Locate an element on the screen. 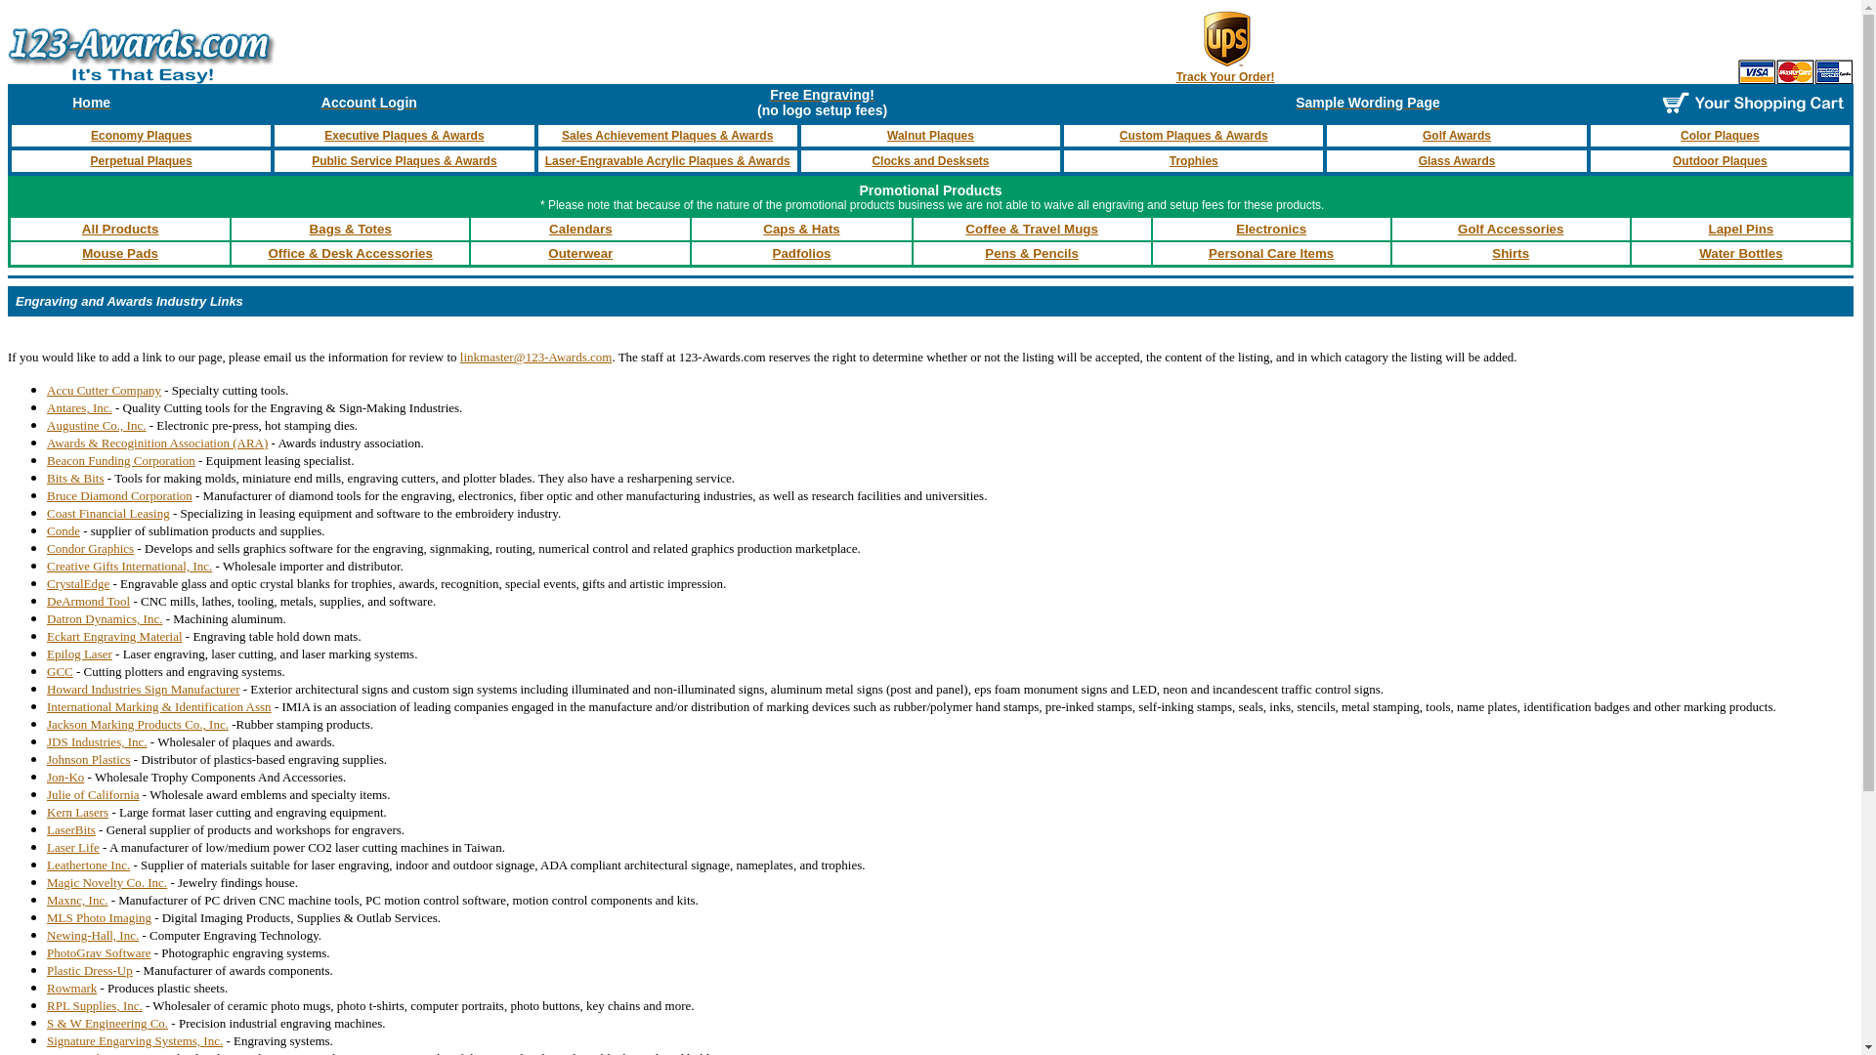 Image resolution: width=1876 pixels, height=1055 pixels. 'Maxnc, Inc.' is located at coordinates (76, 900).